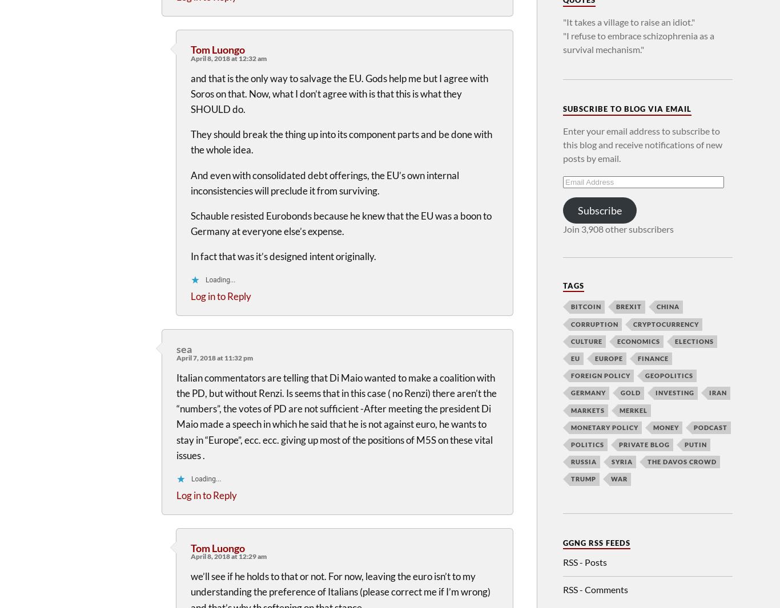 The height and width of the screenshot is (608, 780). What do you see at coordinates (586, 340) in the screenshot?
I see `'Culture'` at bounding box center [586, 340].